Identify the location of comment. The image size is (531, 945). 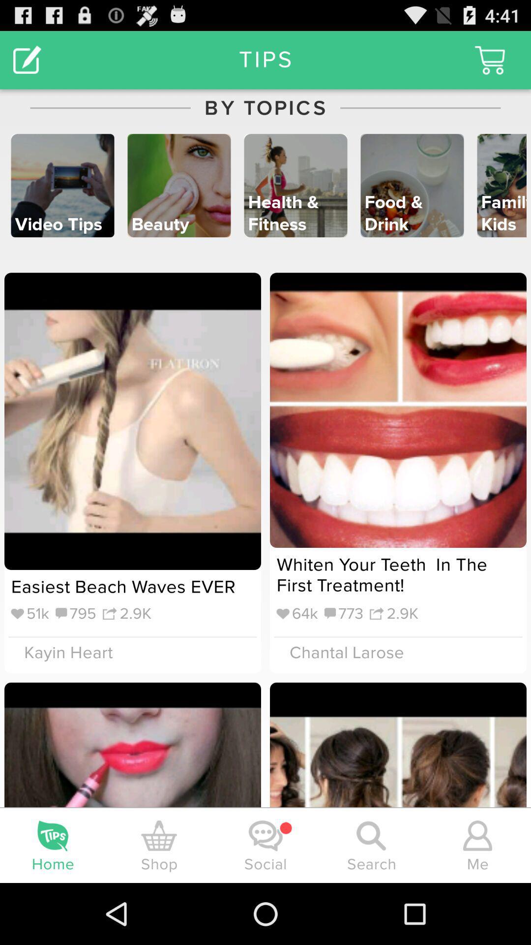
(27, 59).